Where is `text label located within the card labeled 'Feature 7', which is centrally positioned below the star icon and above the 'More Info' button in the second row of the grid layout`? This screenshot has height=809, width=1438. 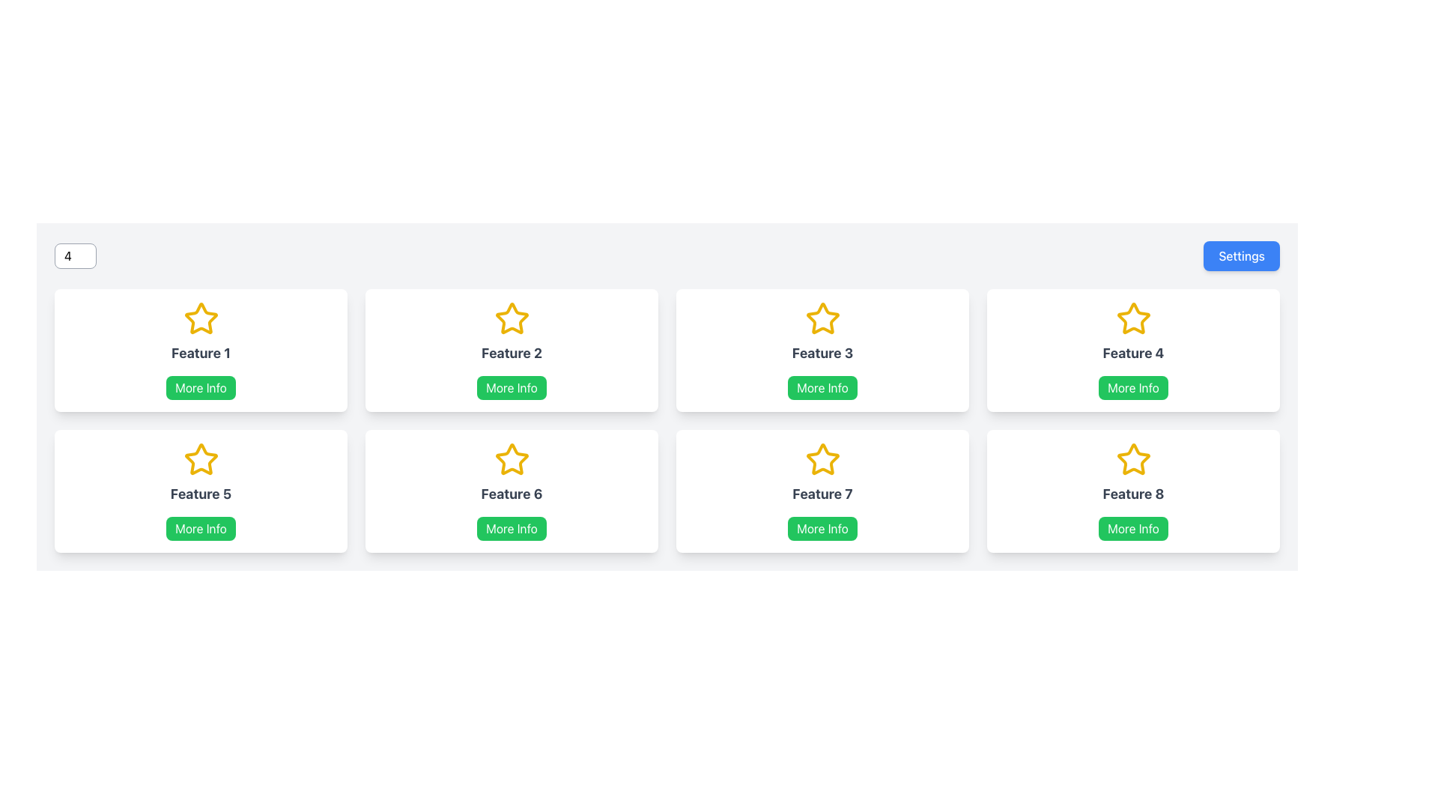
text label located within the card labeled 'Feature 7', which is centrally positioned below the star icon and above the 'More Info' button in the second row of the grid layout is located at coordinates (822, 494).